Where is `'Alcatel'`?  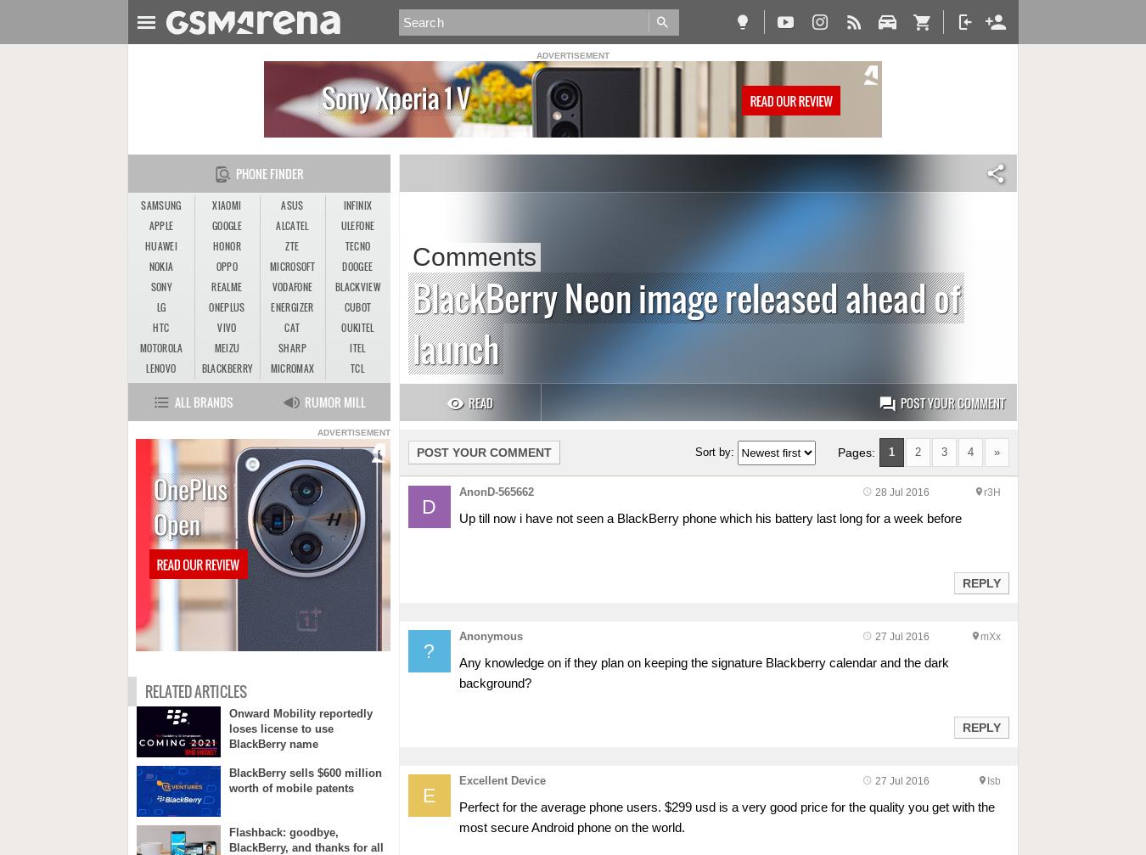
'Alcatel' is located at coordinates (291, 226).